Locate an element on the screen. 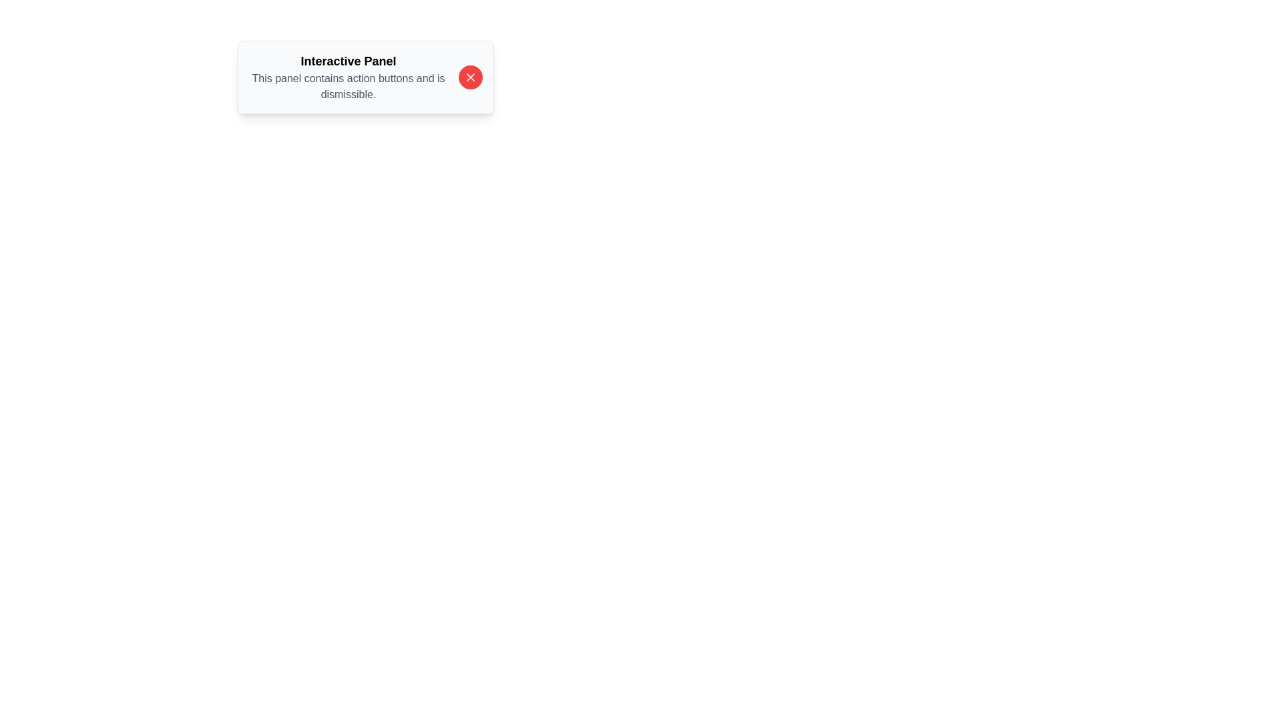  the circular red button with a white 'X' icon, located on the far right of the interactive header panel, to trigger its hover styling change is located at coordinates (471, 77).